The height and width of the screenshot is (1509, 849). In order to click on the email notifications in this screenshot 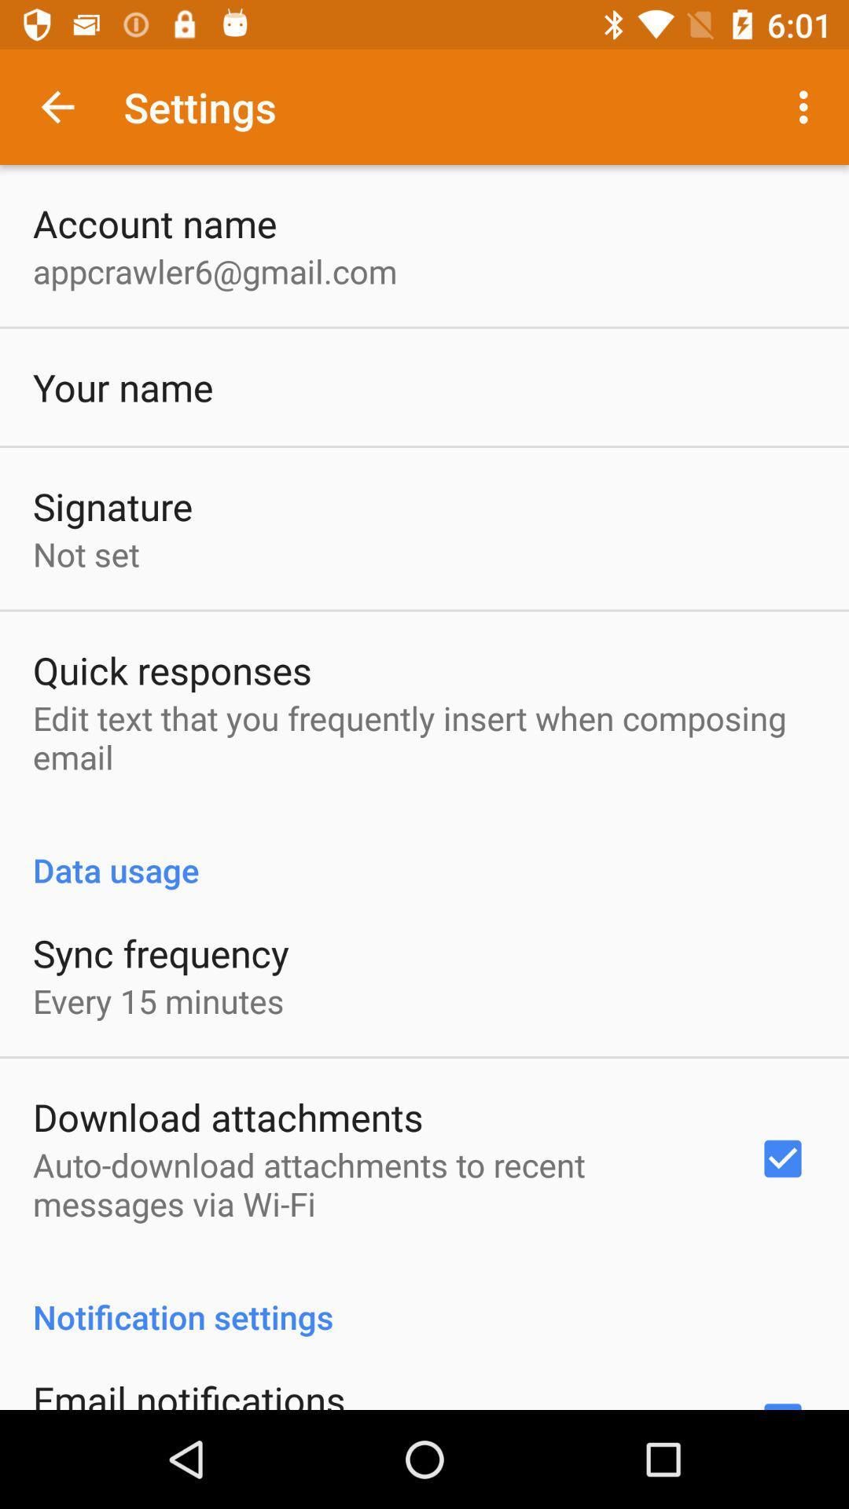, I will do `click(188, 1392)`.